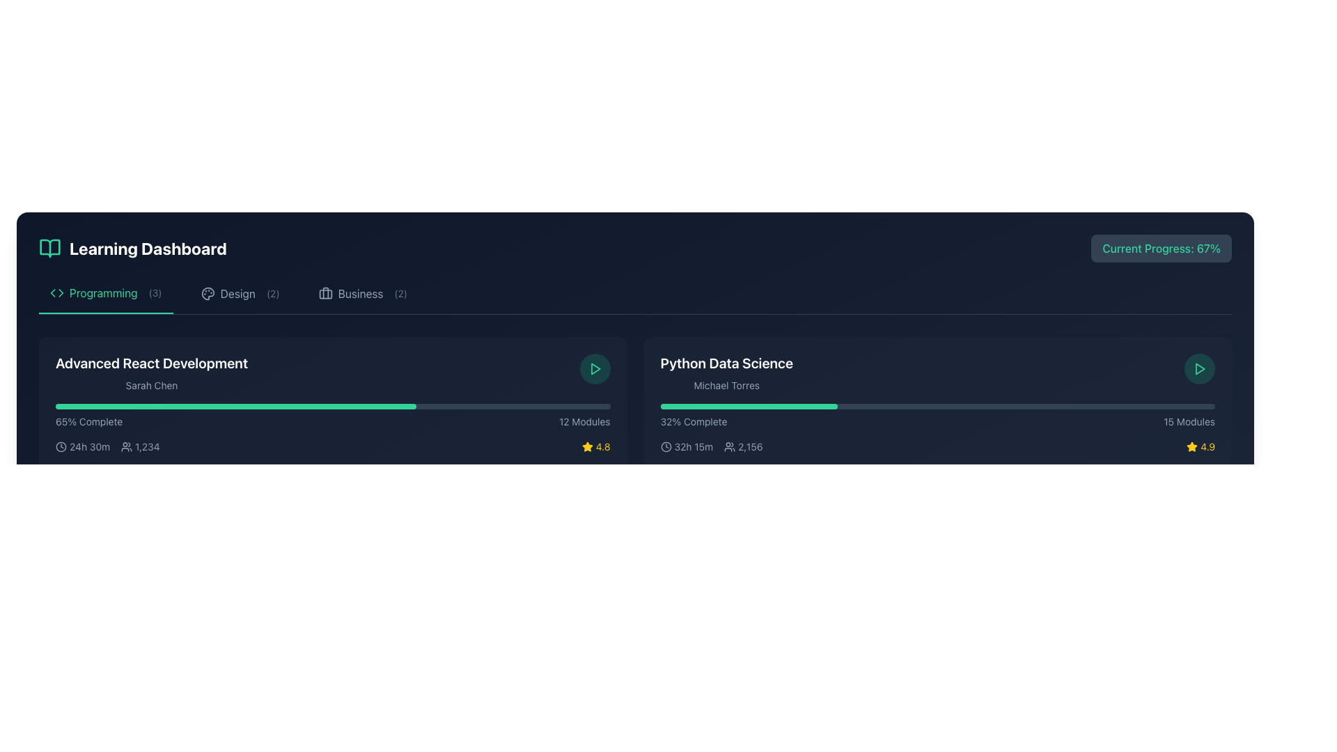  What do you see at coordinates (237, 292) in the screenshot?
I see `the 'Design' text label in the navigation menu, which serves as an identifier for the 'Design' section` at bounding box center [237, 292].